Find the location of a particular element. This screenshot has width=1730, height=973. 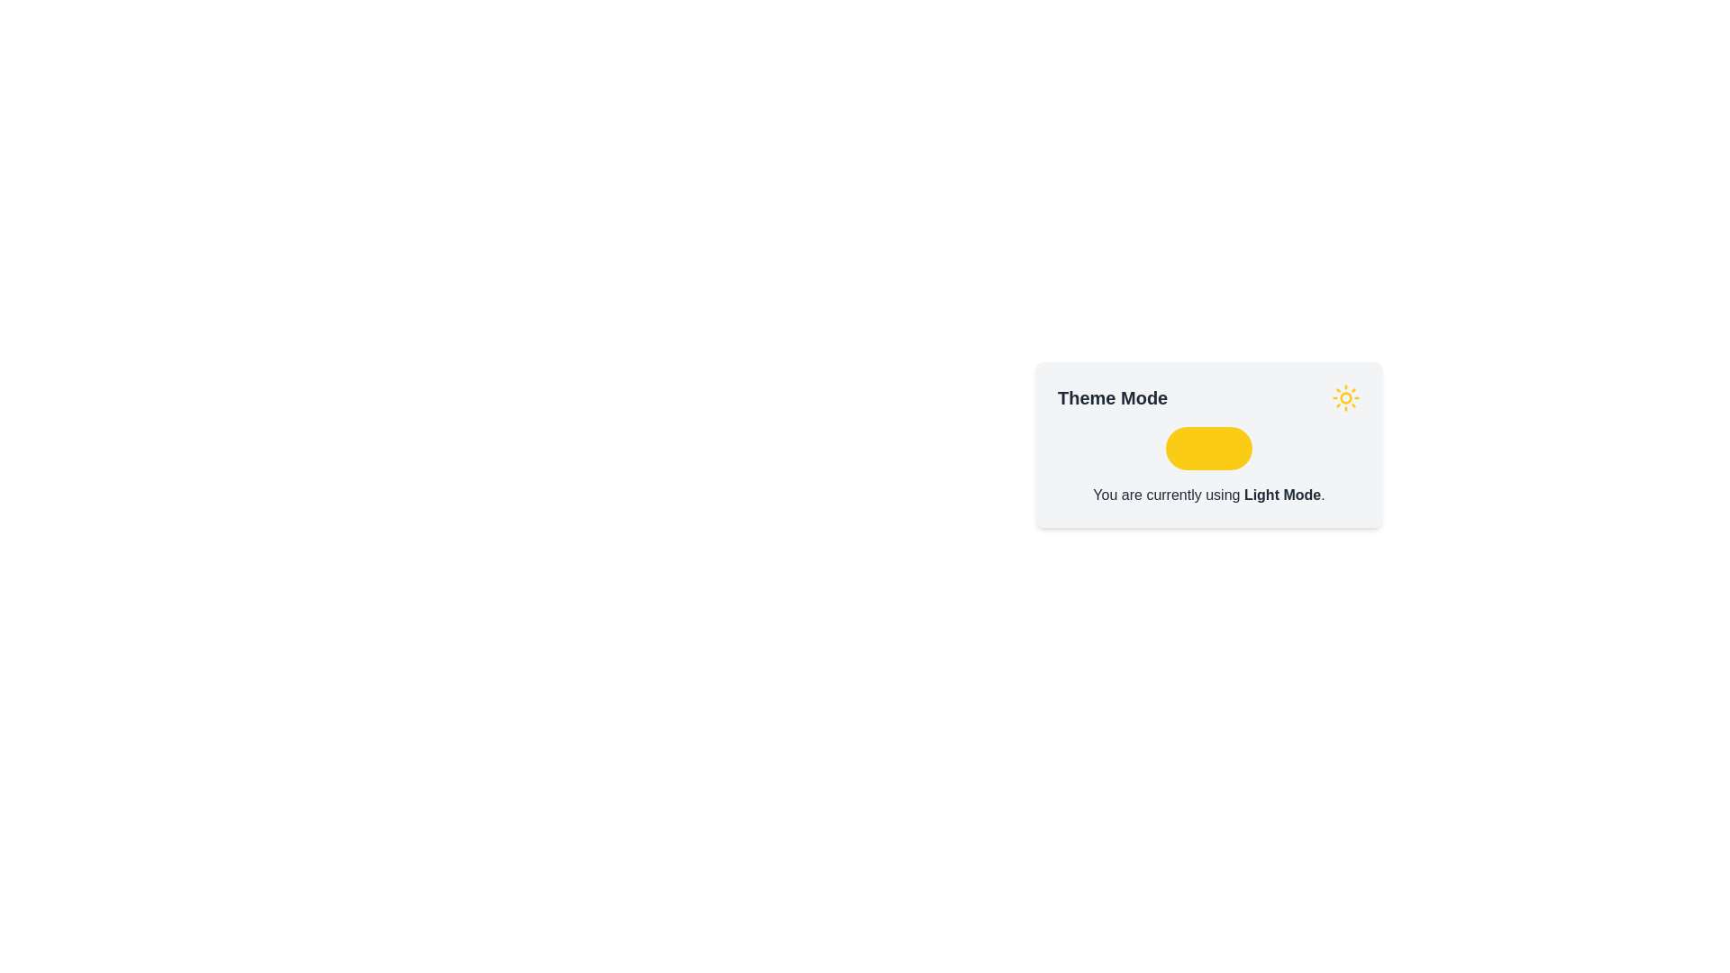

text displayed in the Text Display element indicating the current theme mode (Light Mode) located beneath the theme mode toggle switch is located at coordinates (1209, 496).